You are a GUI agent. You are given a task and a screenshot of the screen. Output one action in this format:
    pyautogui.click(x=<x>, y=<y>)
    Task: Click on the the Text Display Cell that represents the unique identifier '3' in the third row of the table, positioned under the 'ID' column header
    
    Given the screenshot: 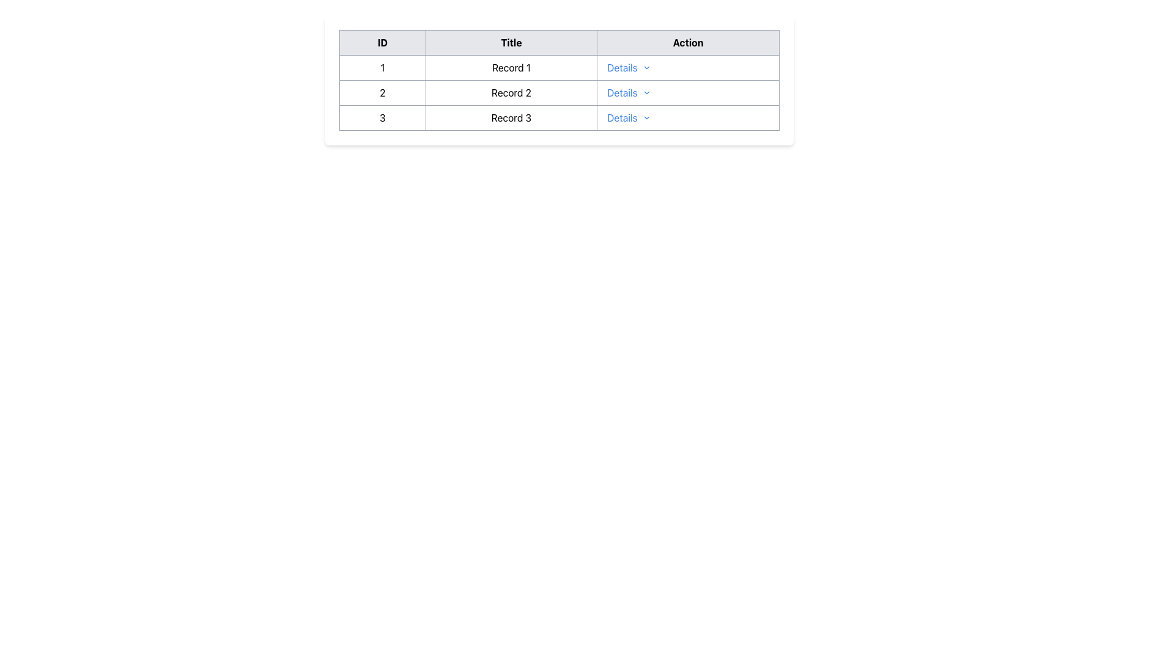 What is the action you would take?
    pyautogui.click(x=382, y=117)
    